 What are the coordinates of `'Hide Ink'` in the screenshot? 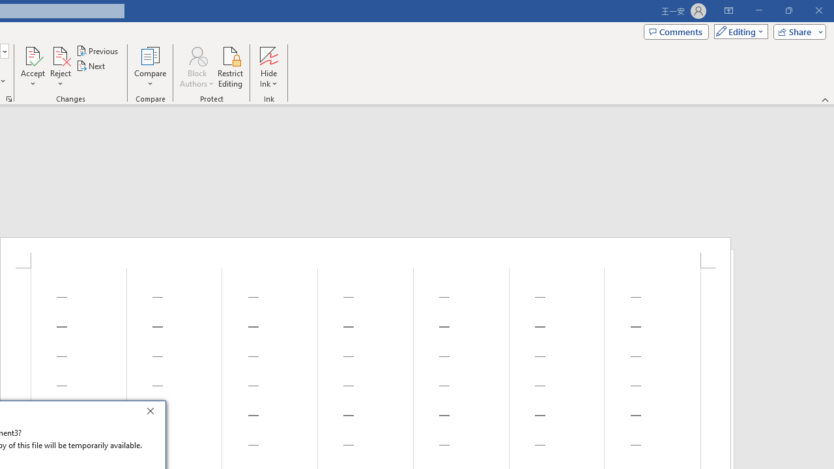 It's located at (268, 55).